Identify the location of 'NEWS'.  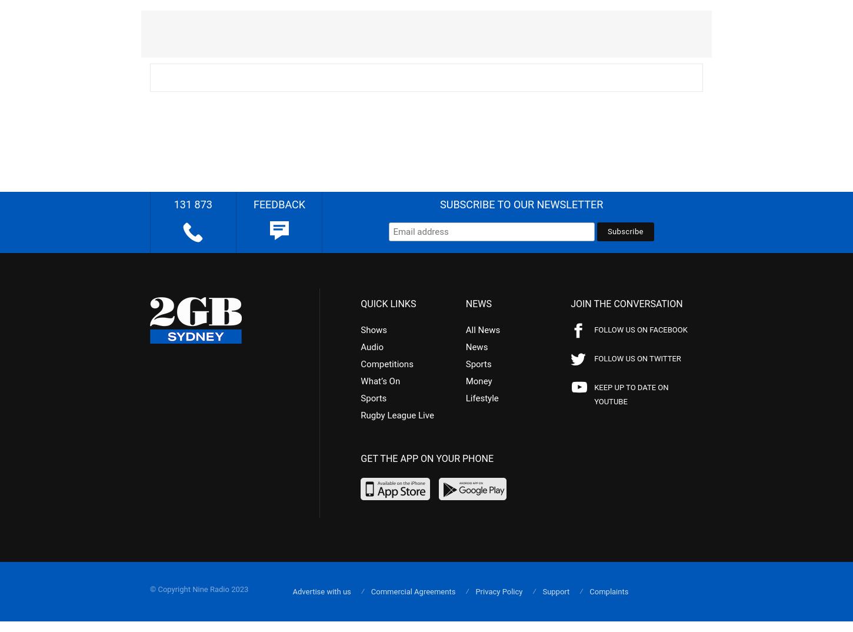
(478, 303).